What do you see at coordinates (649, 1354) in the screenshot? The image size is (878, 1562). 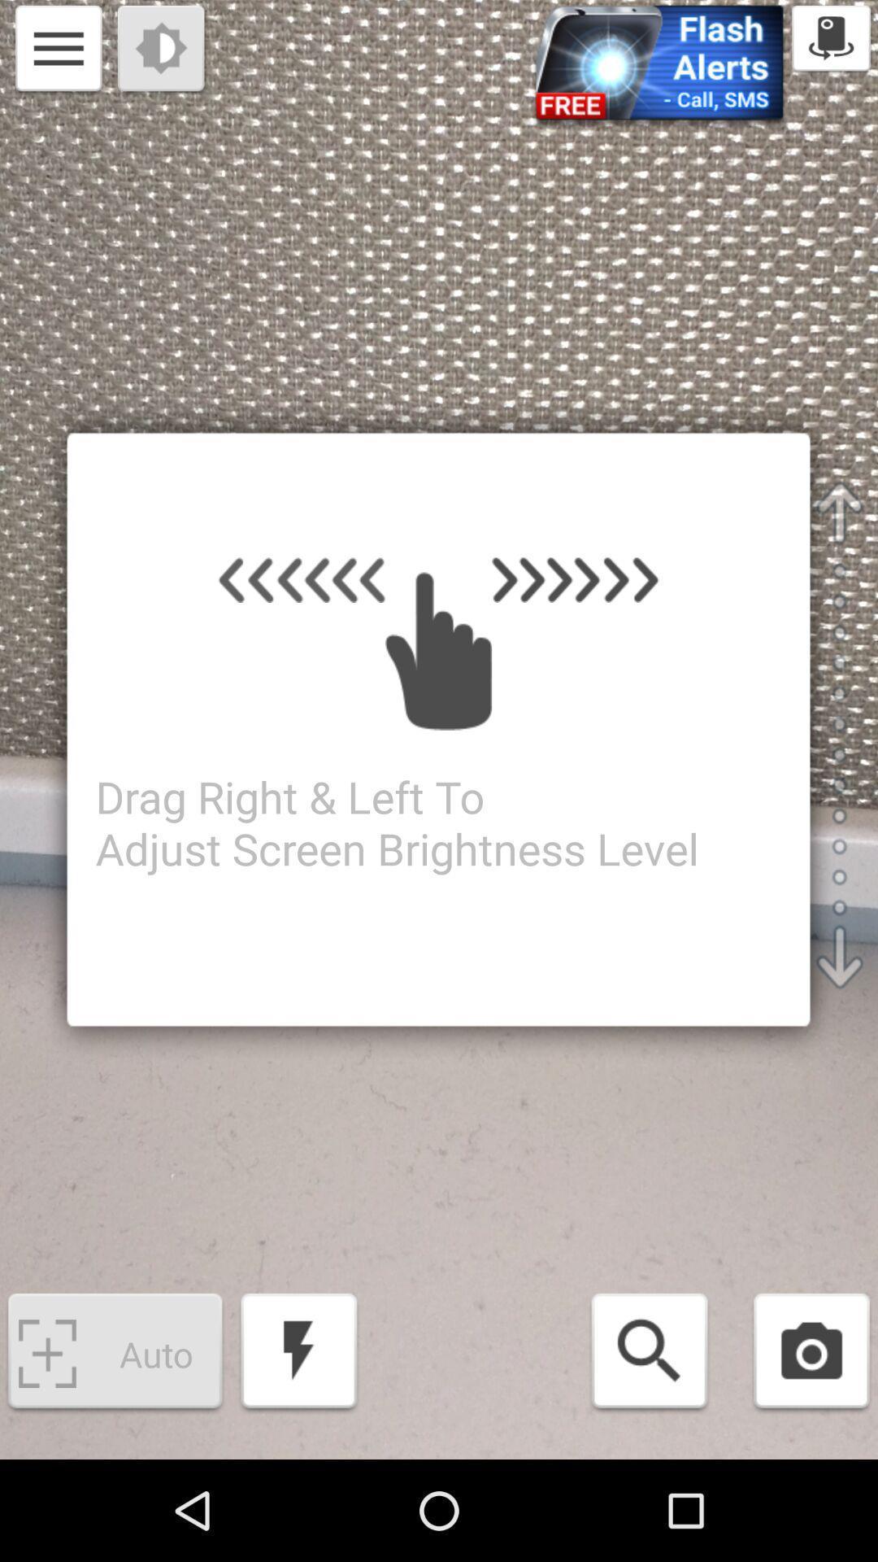 I see `search` at bounding box center [649, 1354].